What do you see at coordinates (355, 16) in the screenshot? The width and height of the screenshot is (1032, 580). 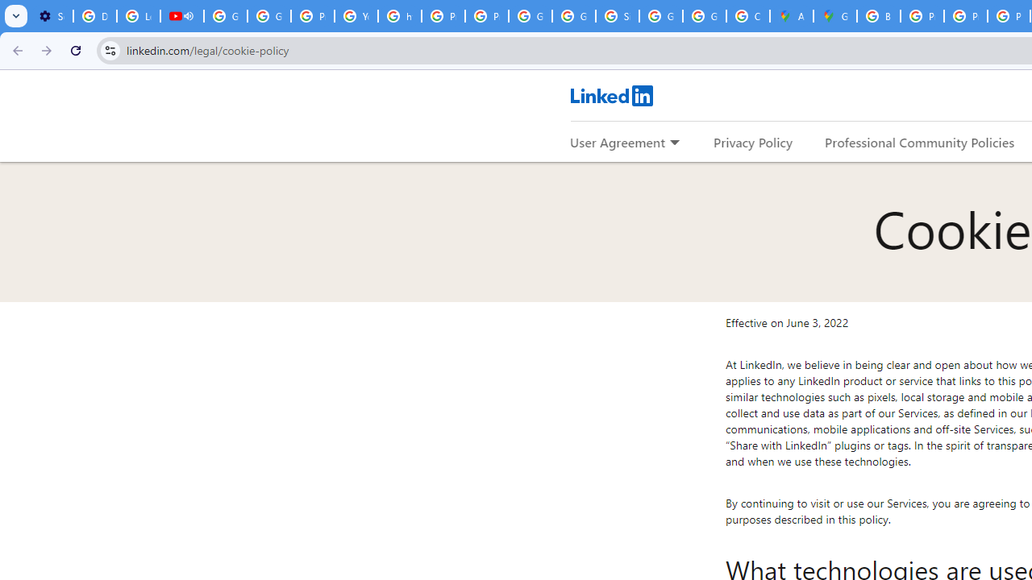 I see `'YouTube'` at bounding box center [355, 16].